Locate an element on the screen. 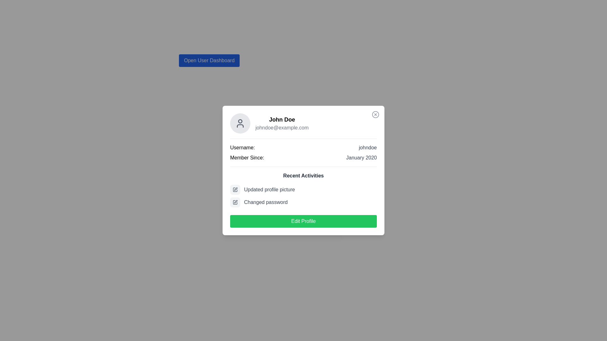 Image resolution: width=607 pixels, height=341 pixels. the 'Edit Profile' button located at the bottom center of the user information card, which allows the user is located at coordinates (303, 221).